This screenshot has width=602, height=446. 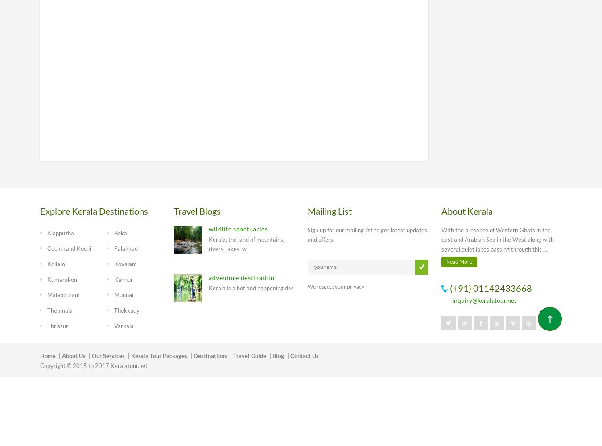 What do you see at coordinates (113, 263) in the screenshot?
I see `'Kovalam'` at bounding box center [113, 263].